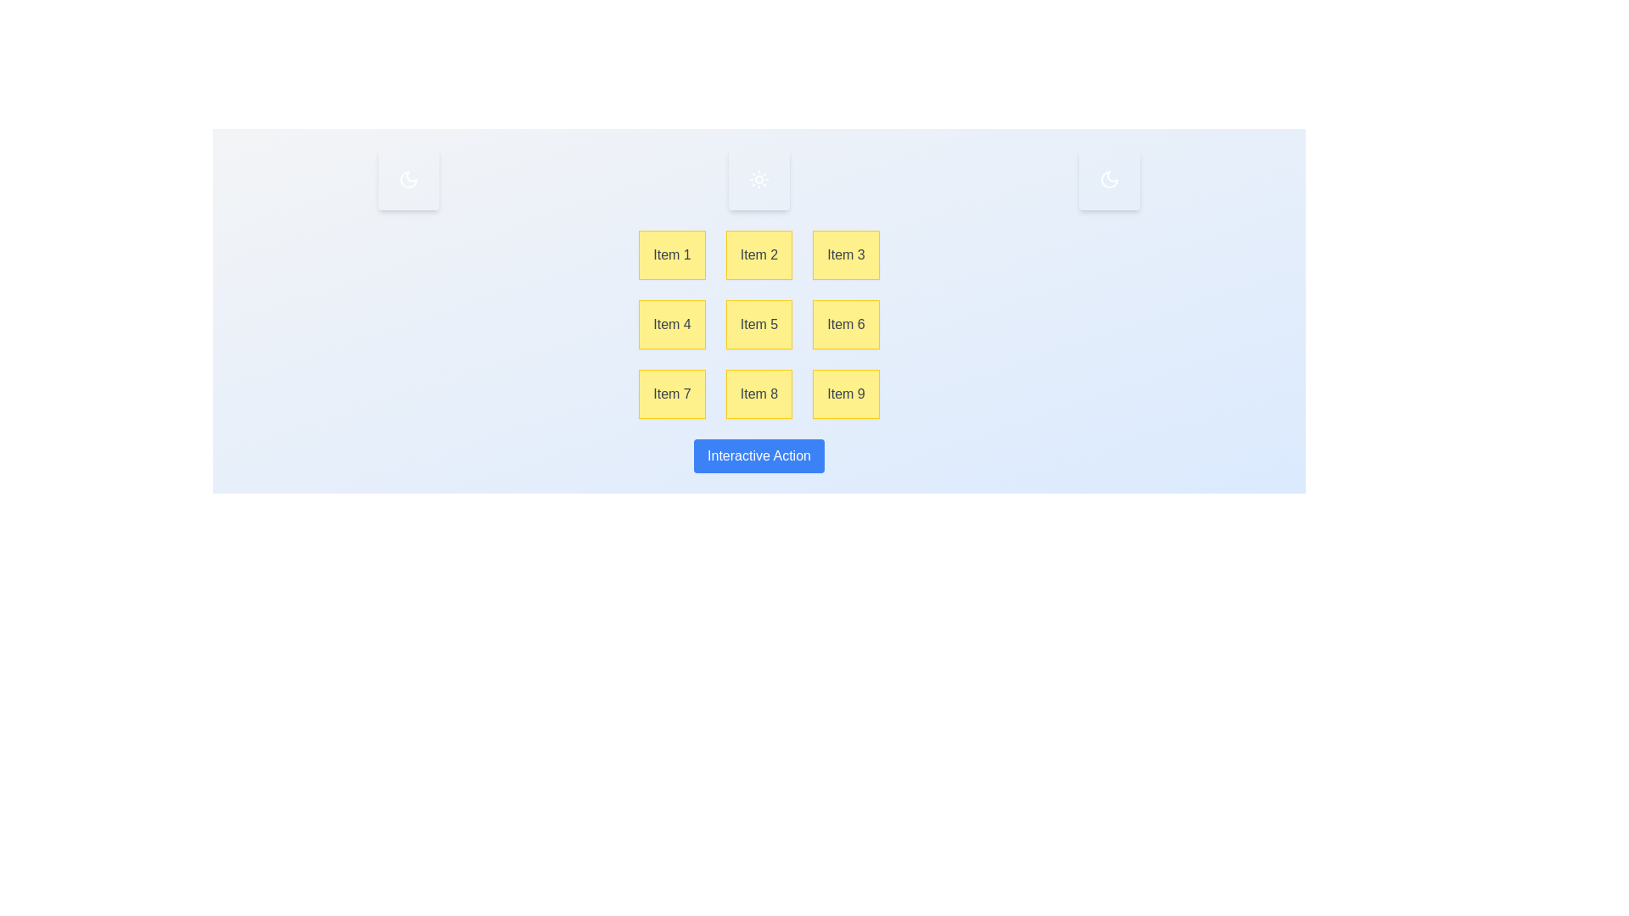 This screenshot has width=1629, height=916. Describe the element at coordinates (671, 254) in the screenshot. I see `the static text label displaying 'Item 1' which is located in the top-left corner of a 3x3 grid layout, surrounded by other similar boxes` at that location.